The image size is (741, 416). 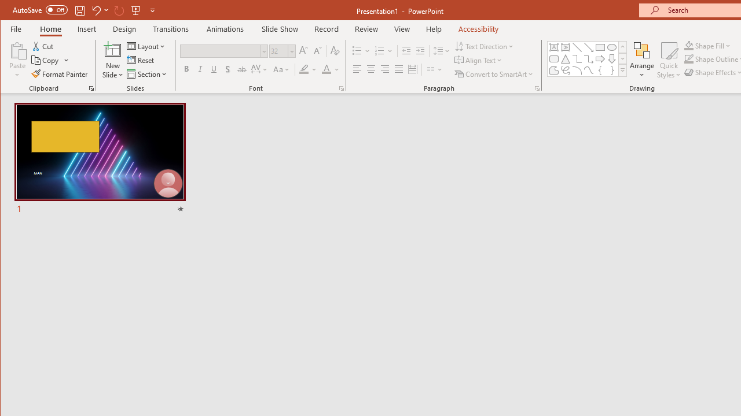 What do you see at coordinates (537, 88) in the screenshot?
I see `'Paragraph...'` at bounding box center [537, 88].